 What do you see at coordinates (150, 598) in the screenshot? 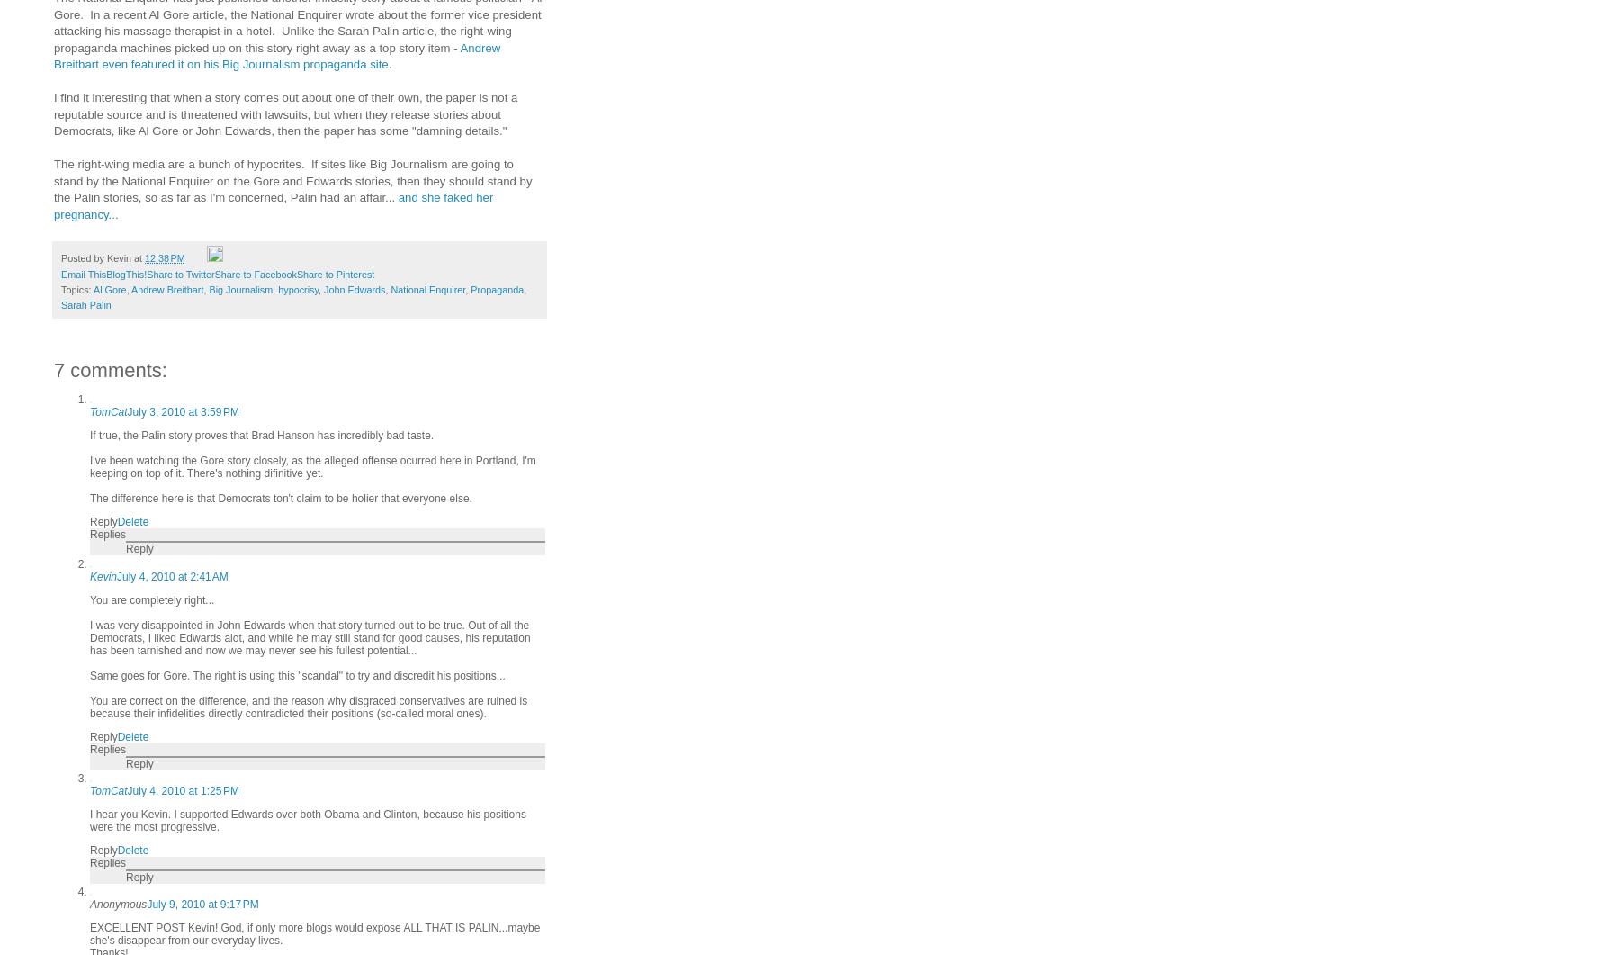
I see `'You are completely right...'` at bounding box center [150, 598].